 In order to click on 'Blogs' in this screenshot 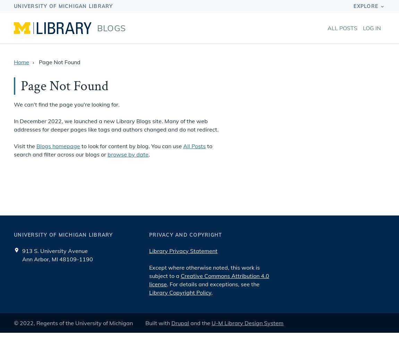, I will do `click(111, 27)`.